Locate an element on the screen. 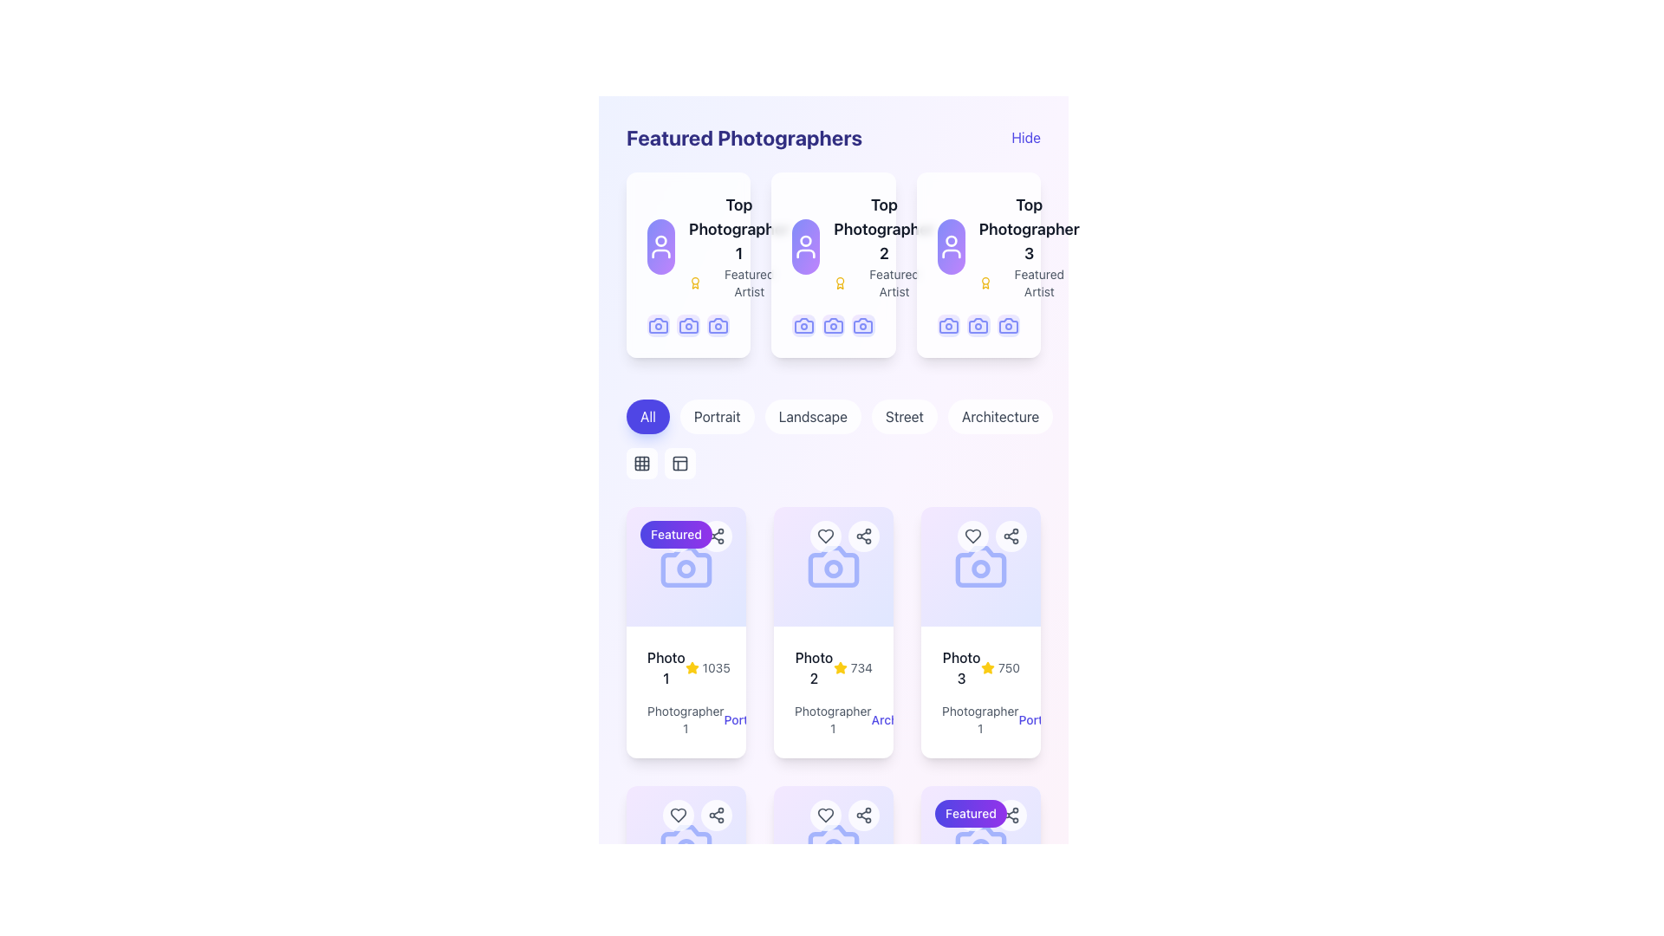 The image size is (1664, 936). the avatar/icon representing the profile of a photographer located in the first column under 'Featured Photographers', above the text 'Top Photographer 1' is located at coordinates (660, 247).